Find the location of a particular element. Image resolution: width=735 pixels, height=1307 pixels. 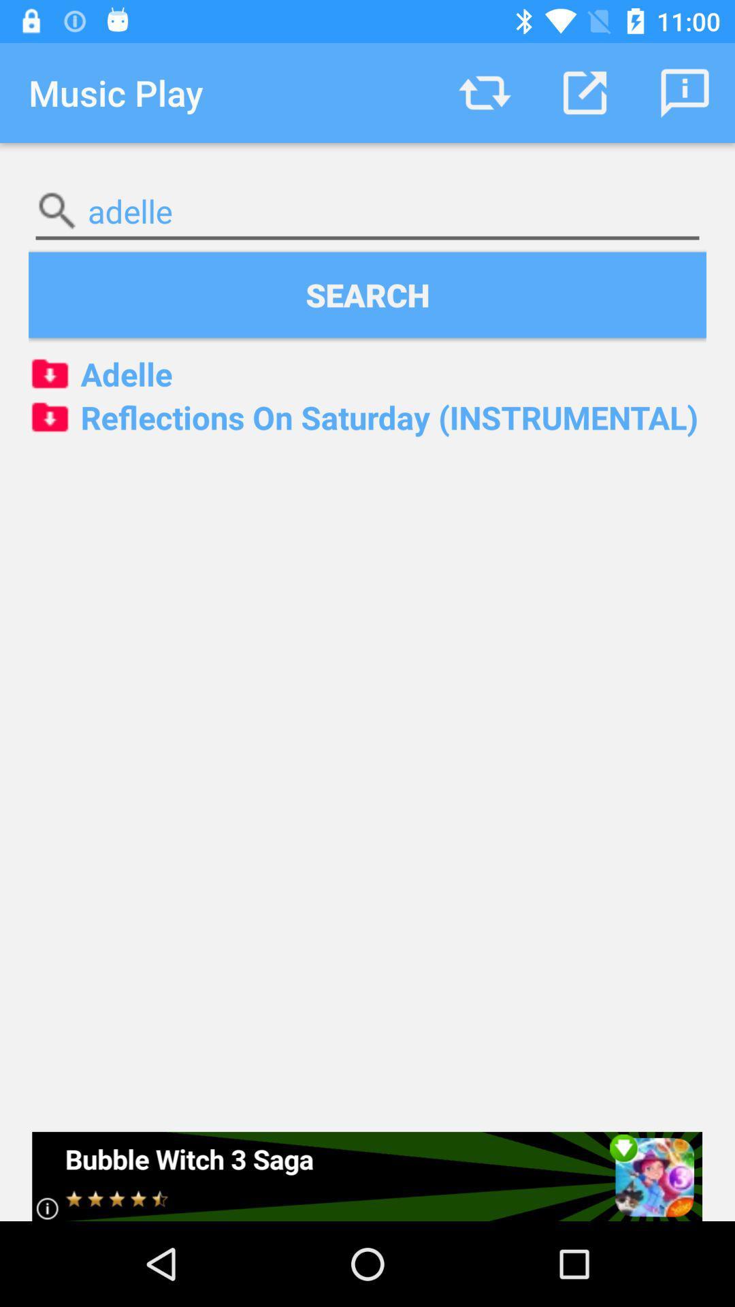

the app to the right of music play item is located at coordinates (484, 92).